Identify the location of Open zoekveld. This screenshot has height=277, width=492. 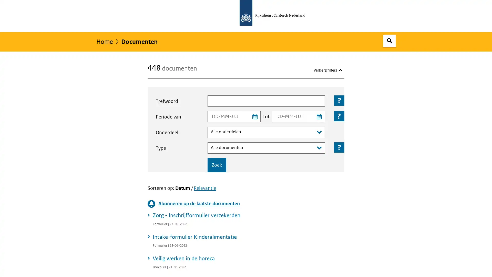
(389, 41).